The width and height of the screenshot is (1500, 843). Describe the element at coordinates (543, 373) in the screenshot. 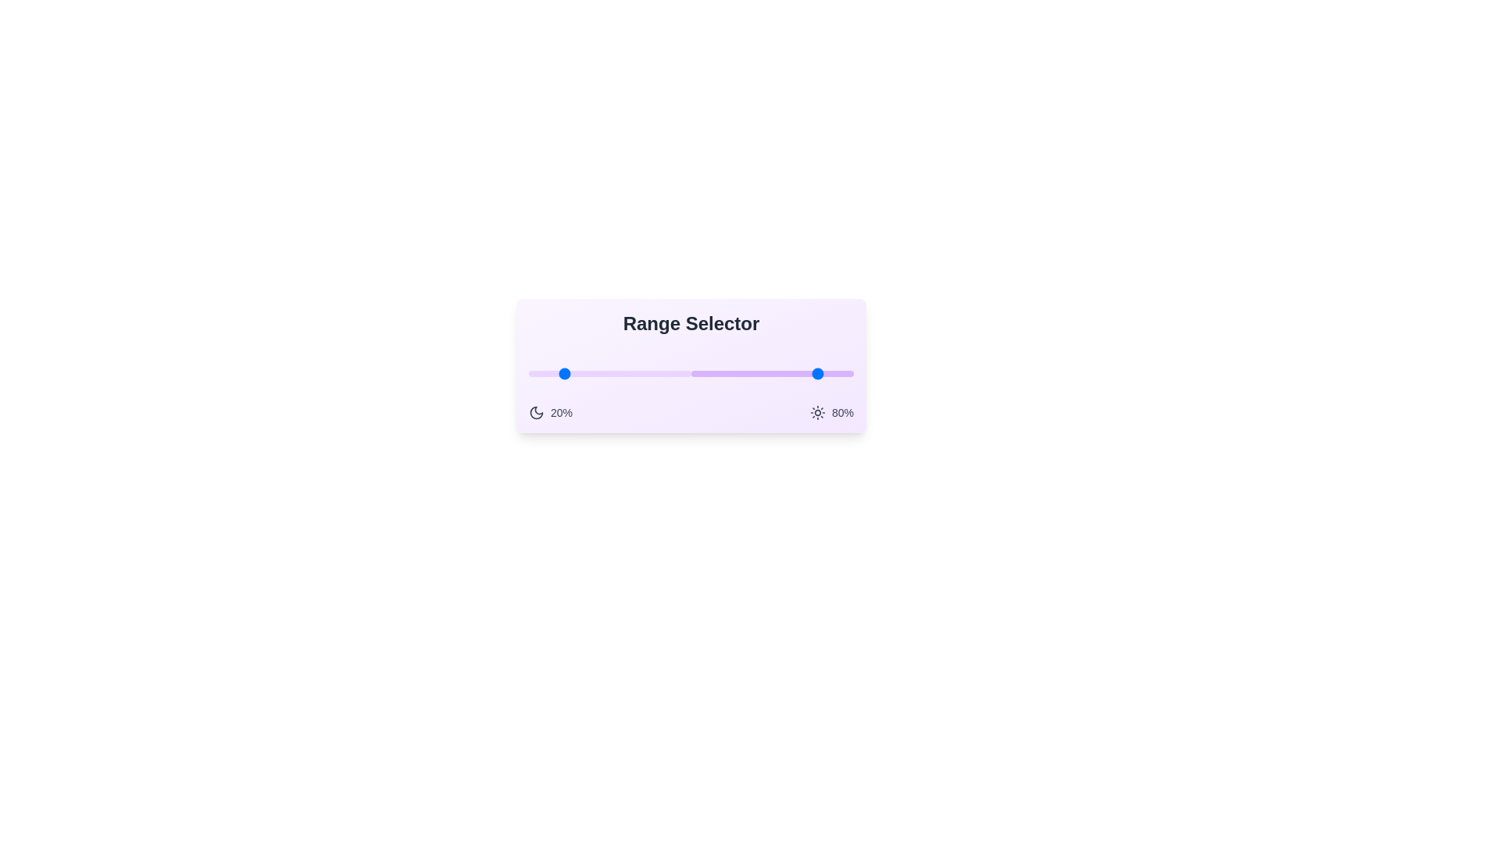

I see `the lower bound of the range to 9% by dragging the left slider` at that location.